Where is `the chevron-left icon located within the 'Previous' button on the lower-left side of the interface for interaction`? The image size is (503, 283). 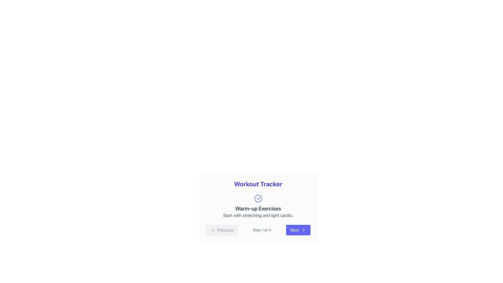 the chevron-left icon located within the 'Previous' button on the lower-left side of the interface for interaction is located at coordinates (212, 230).